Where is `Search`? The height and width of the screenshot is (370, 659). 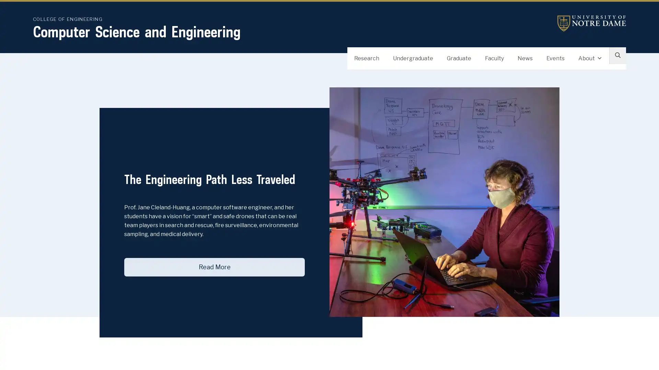
Search is located at coordinates (616, 59).